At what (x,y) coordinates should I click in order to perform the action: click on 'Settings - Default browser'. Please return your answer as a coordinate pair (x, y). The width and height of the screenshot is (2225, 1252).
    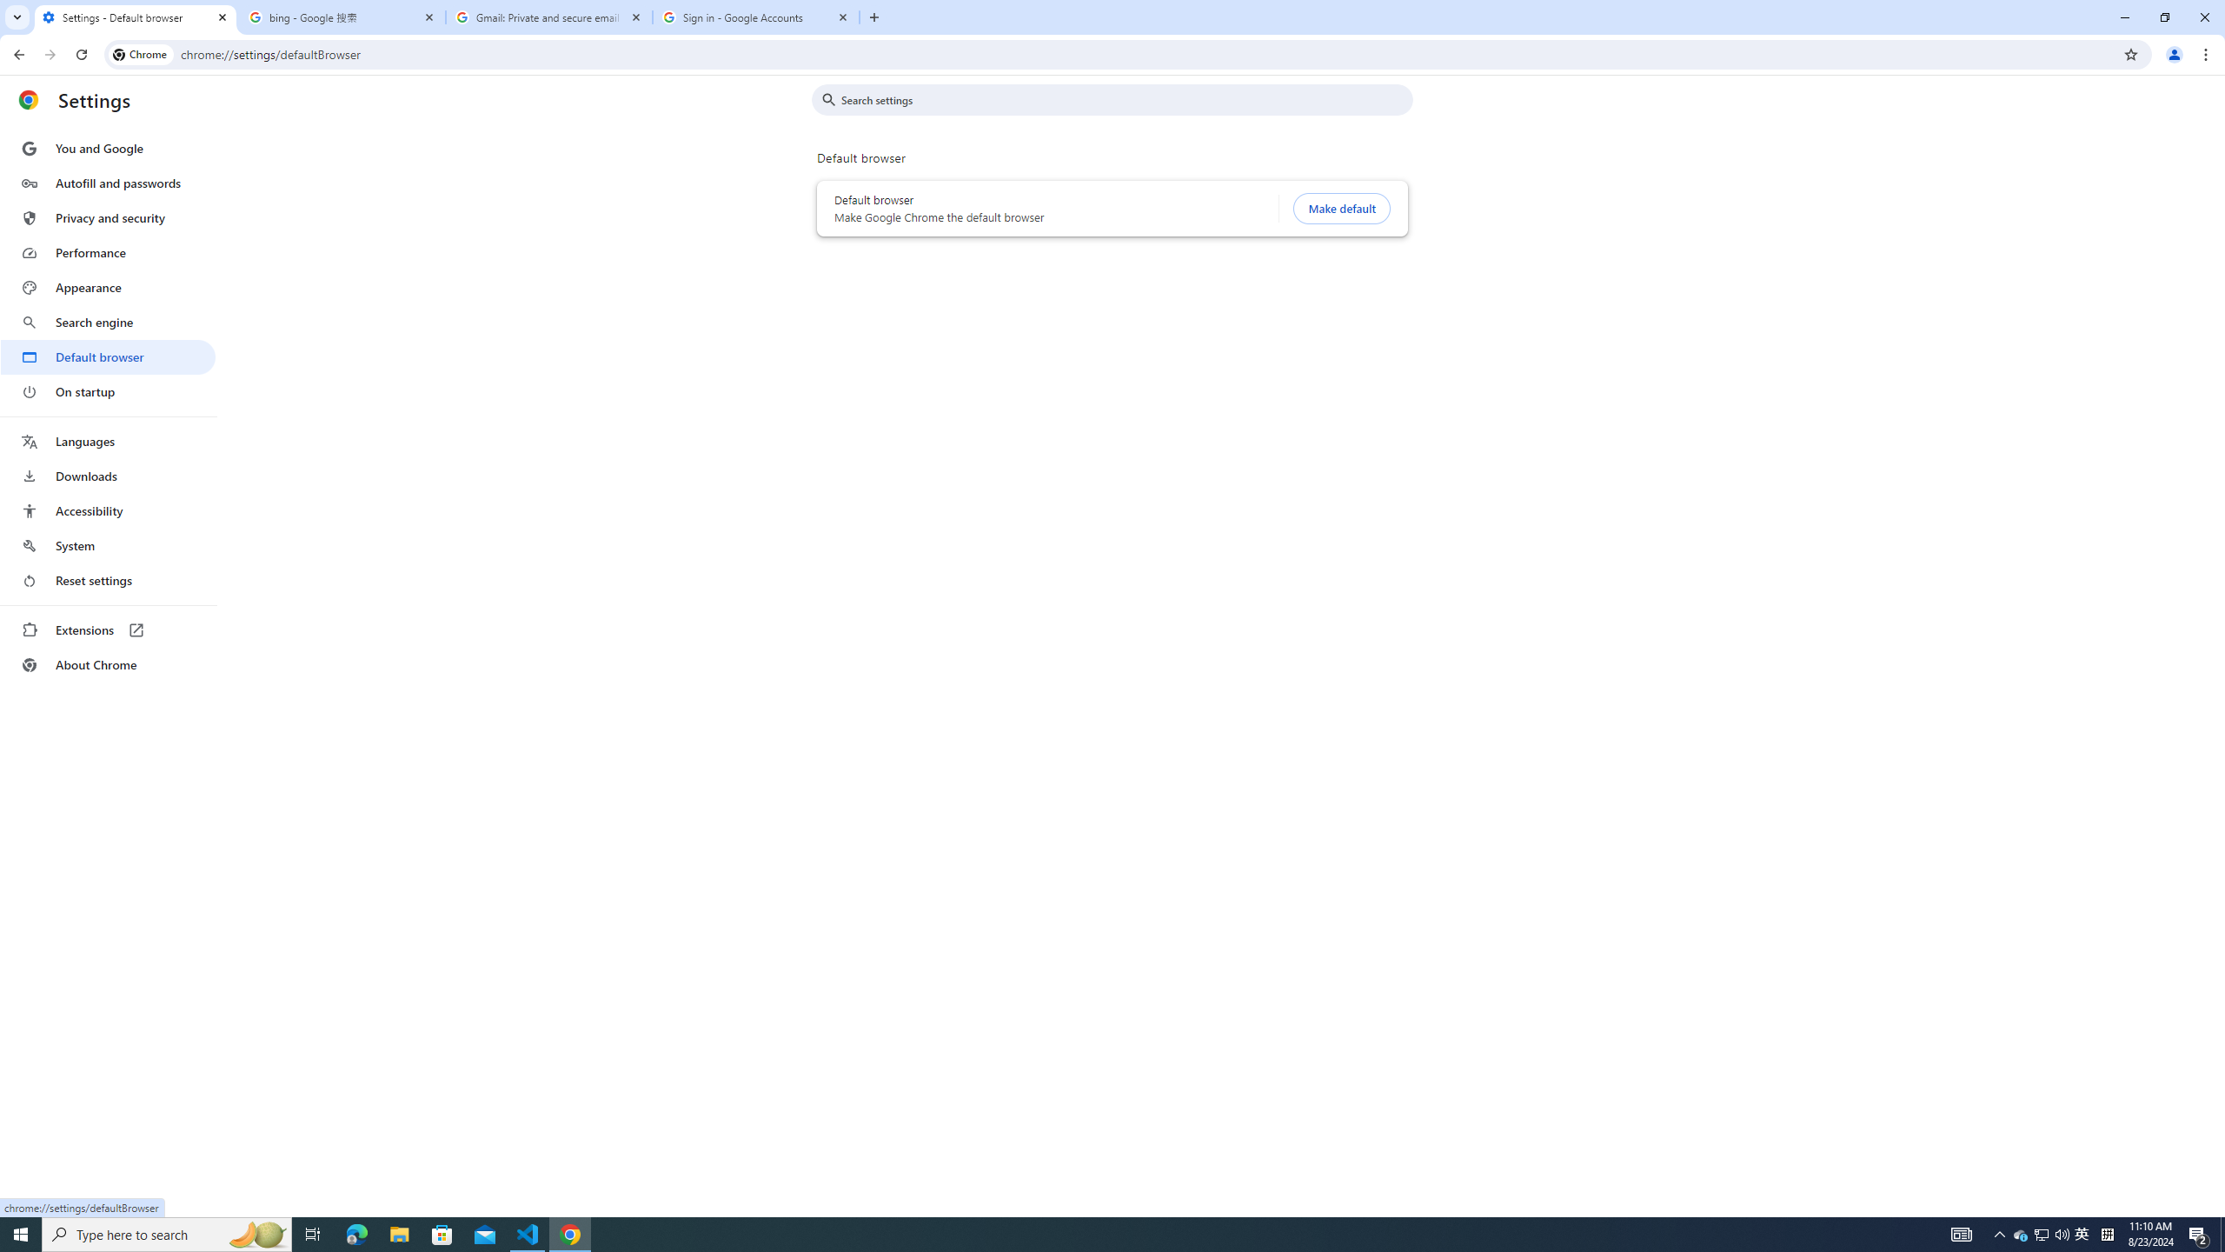
    Looking at the image, I should click on (135, 17).